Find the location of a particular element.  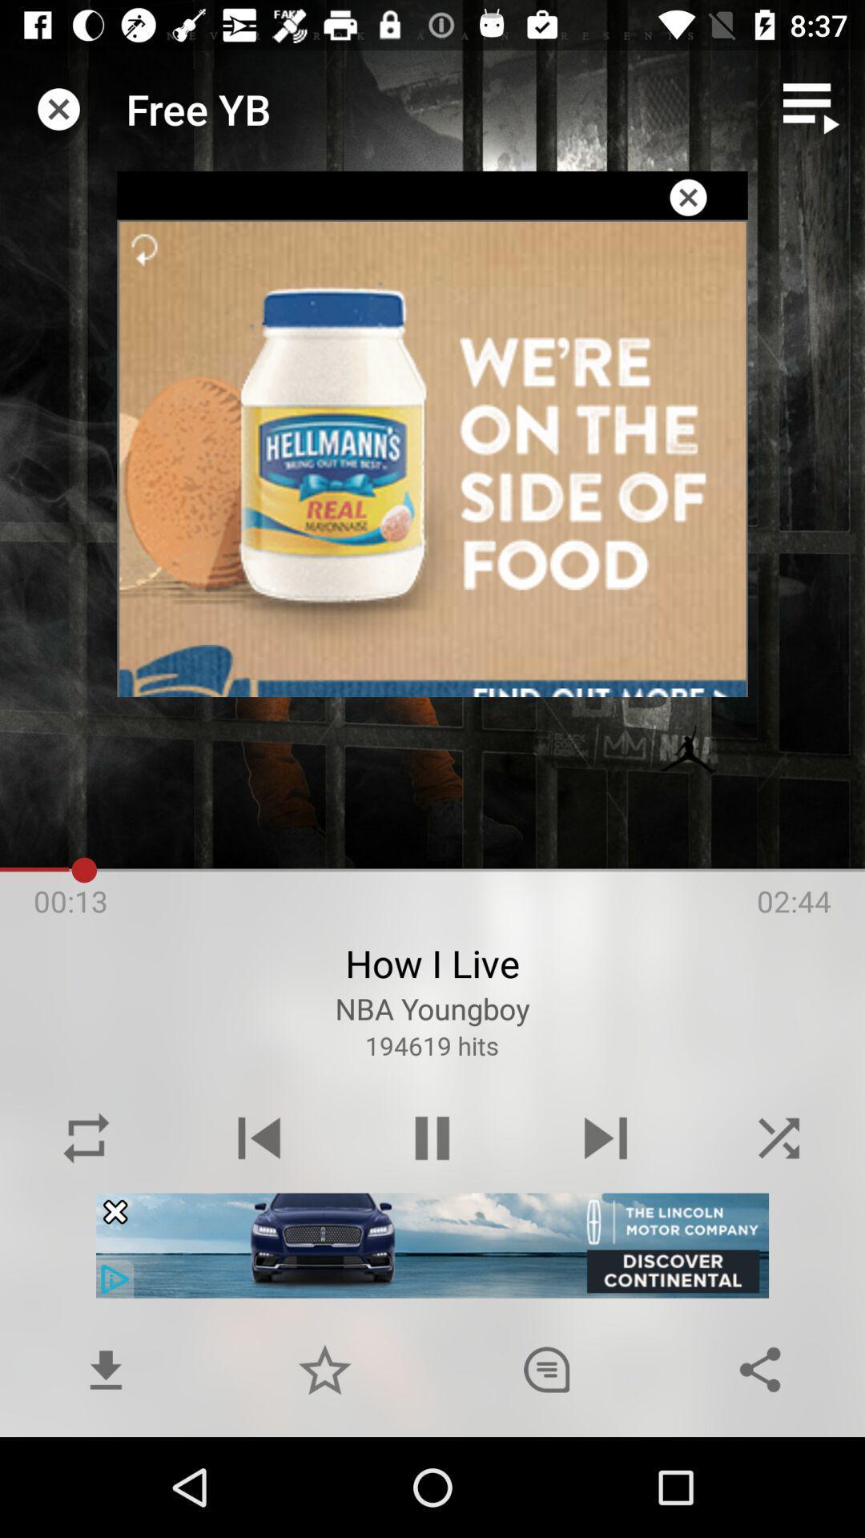

the close icon is located at coordinates (687, 196).